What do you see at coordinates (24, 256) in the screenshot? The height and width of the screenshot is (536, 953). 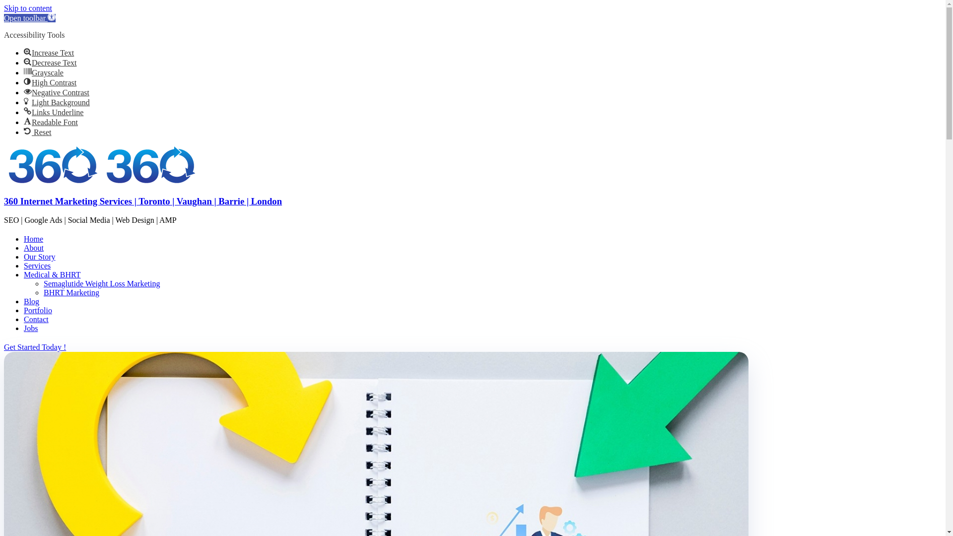 I see `'Our Story'` at bounding box center [24, 256].